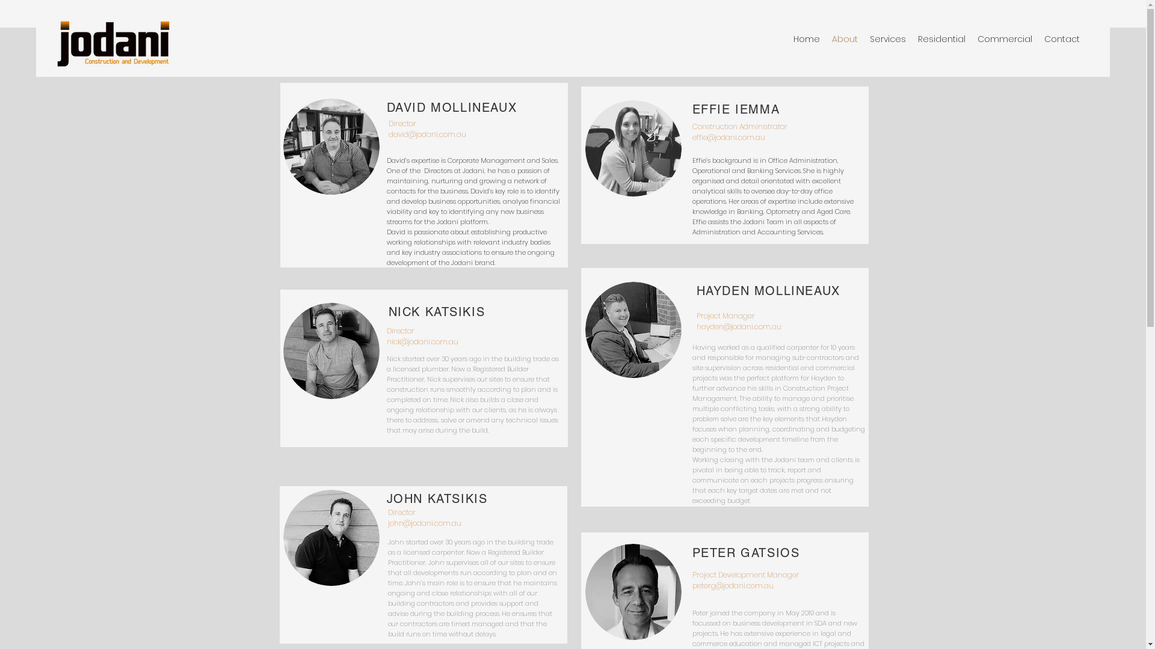  What do you see at coordinates (888, 38) in the screenshot?
I see `'Services'` at bounding box center [888, 38].